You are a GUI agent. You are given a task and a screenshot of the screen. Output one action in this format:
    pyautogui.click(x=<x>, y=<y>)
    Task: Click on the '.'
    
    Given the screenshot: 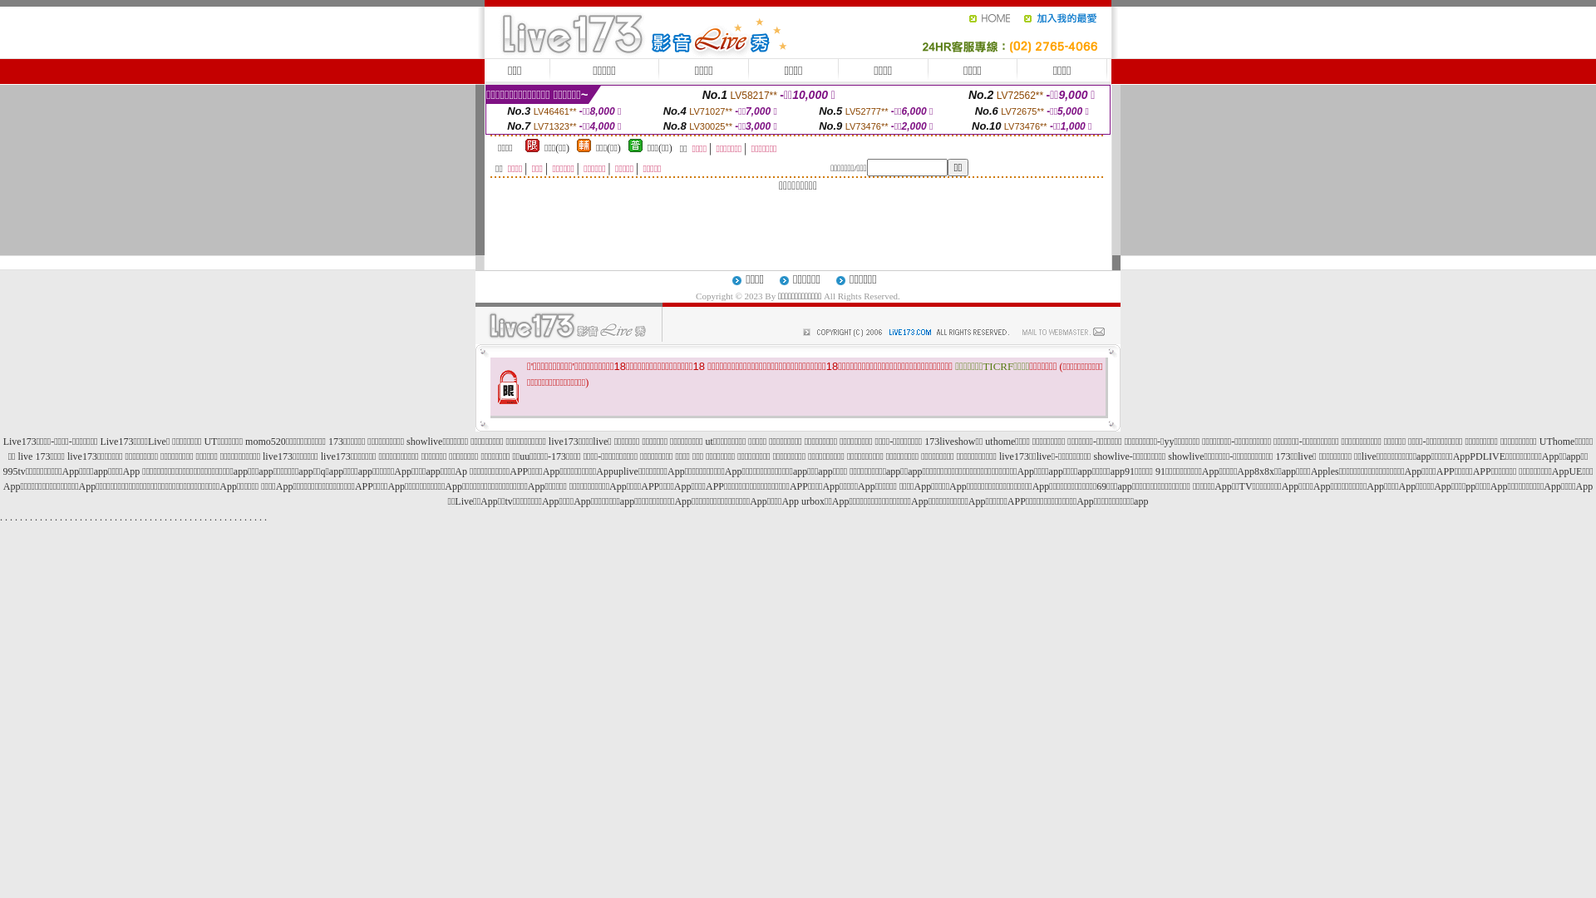 What is the action you would take?
    pyautogui.click(x=180, y=516)
    